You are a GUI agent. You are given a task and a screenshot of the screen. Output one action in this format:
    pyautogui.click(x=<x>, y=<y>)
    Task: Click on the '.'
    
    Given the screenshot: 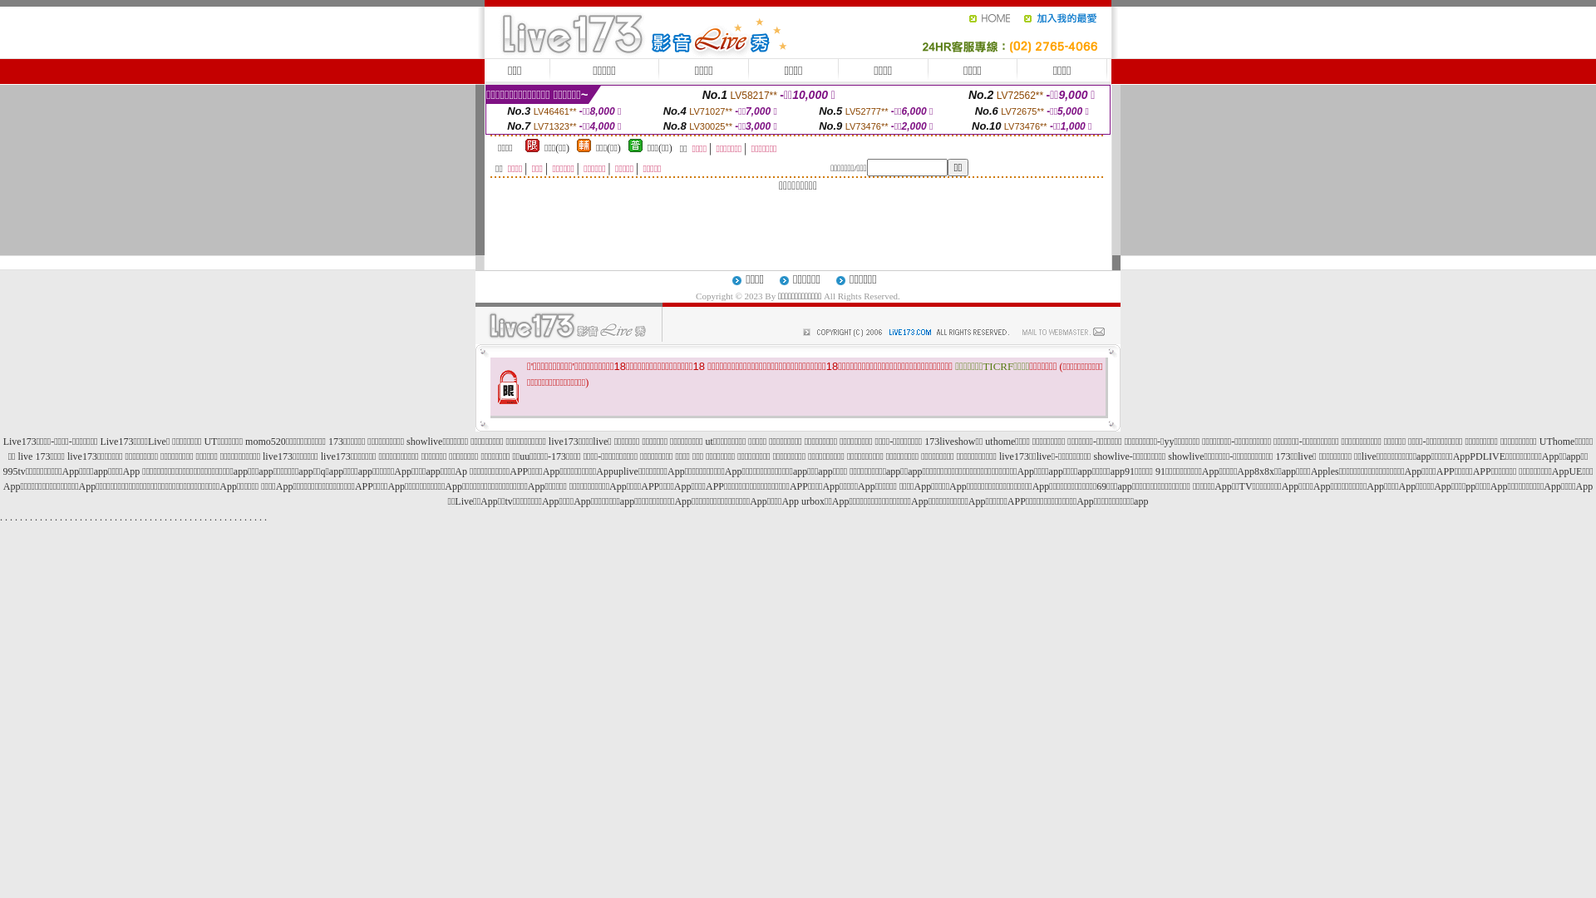 What is the action you would take?
    pyautogui.click(x=180, y=516)
    